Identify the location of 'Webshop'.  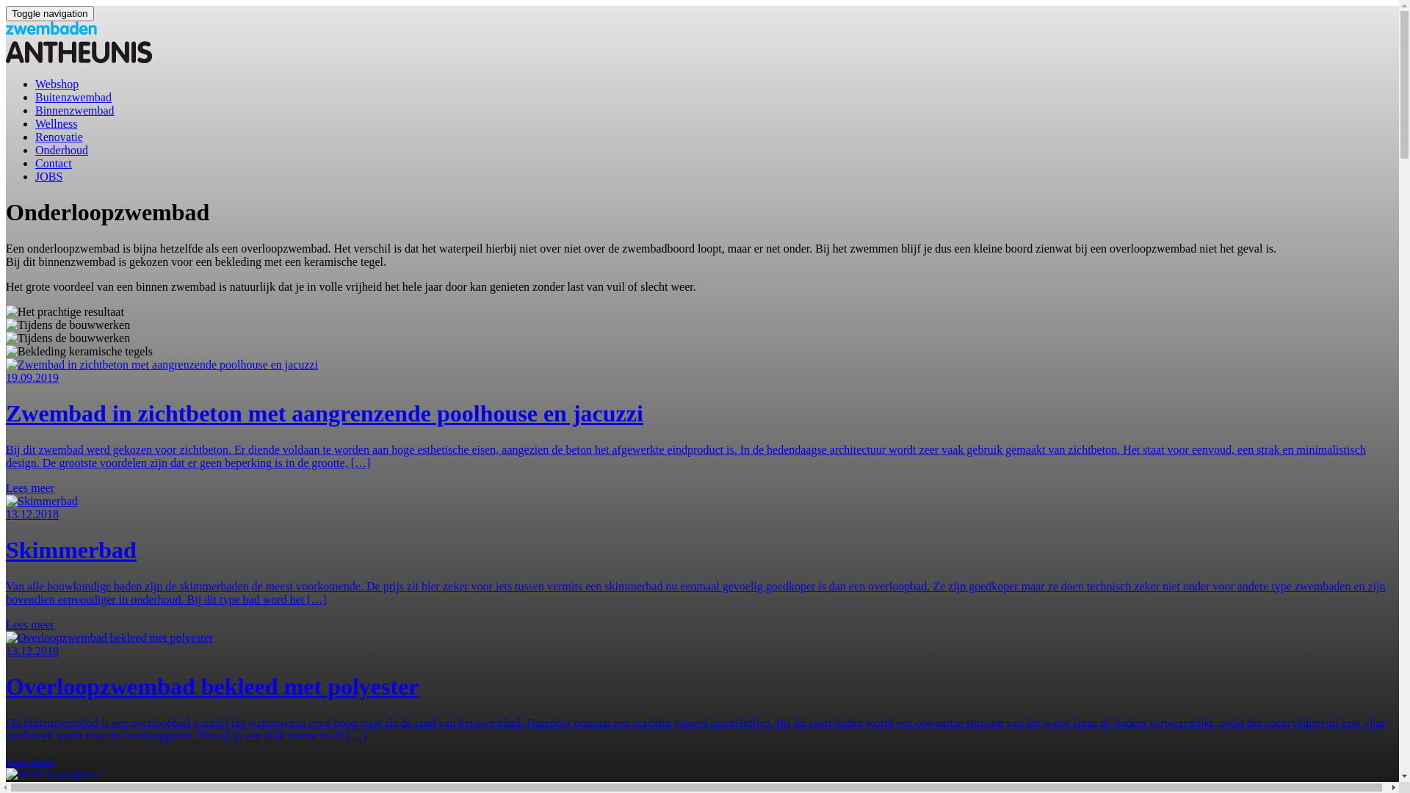
(57, 84).